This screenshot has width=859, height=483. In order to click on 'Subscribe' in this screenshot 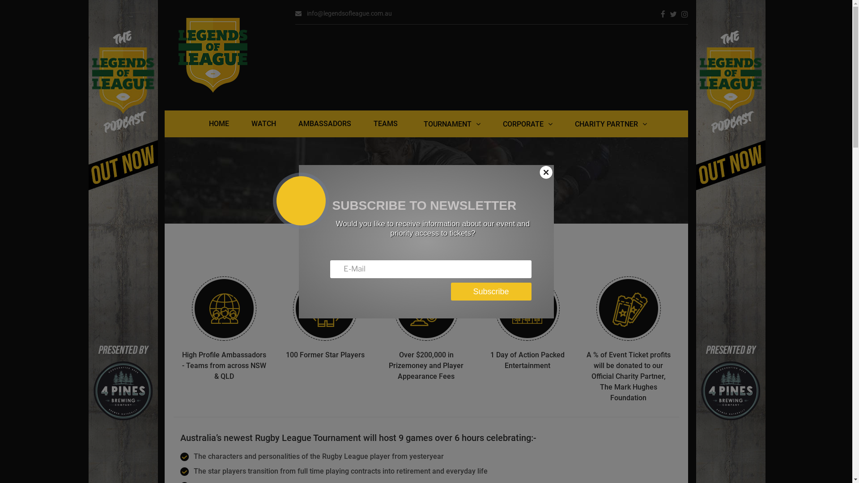, I will do `click(491, 291)`.